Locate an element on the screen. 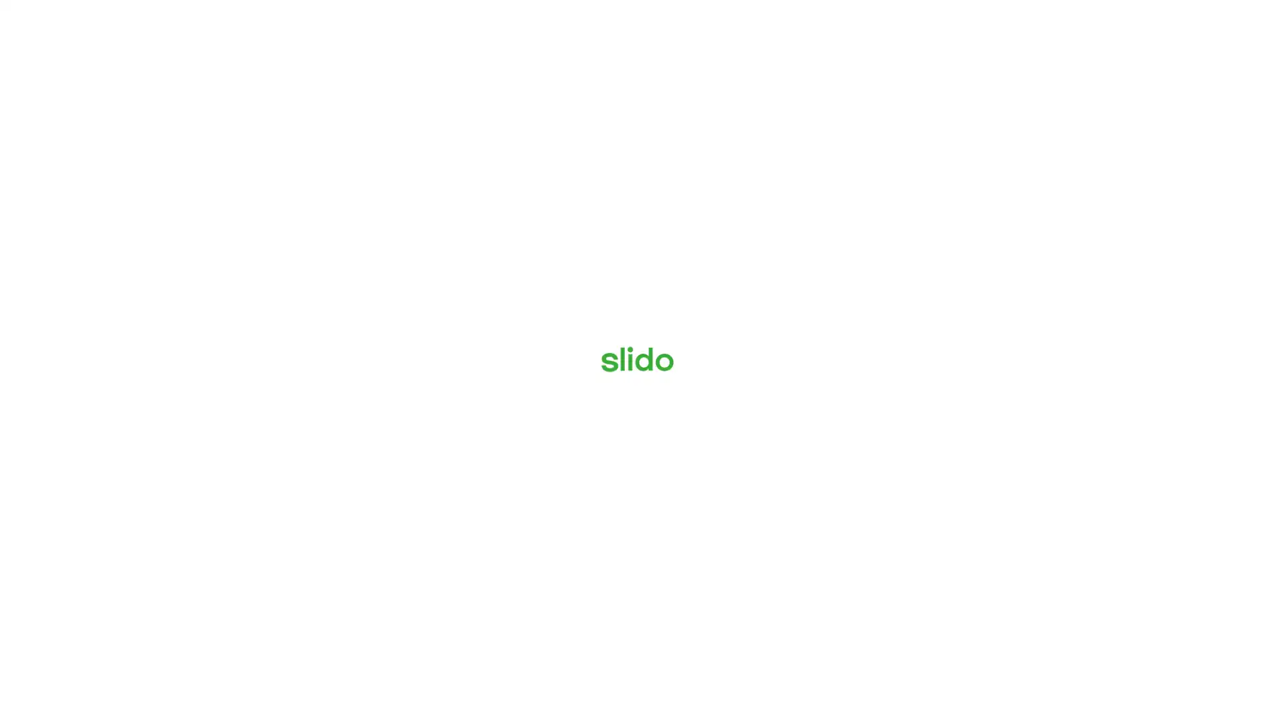  Ask the speaker is located at coordinates (1184, 677).